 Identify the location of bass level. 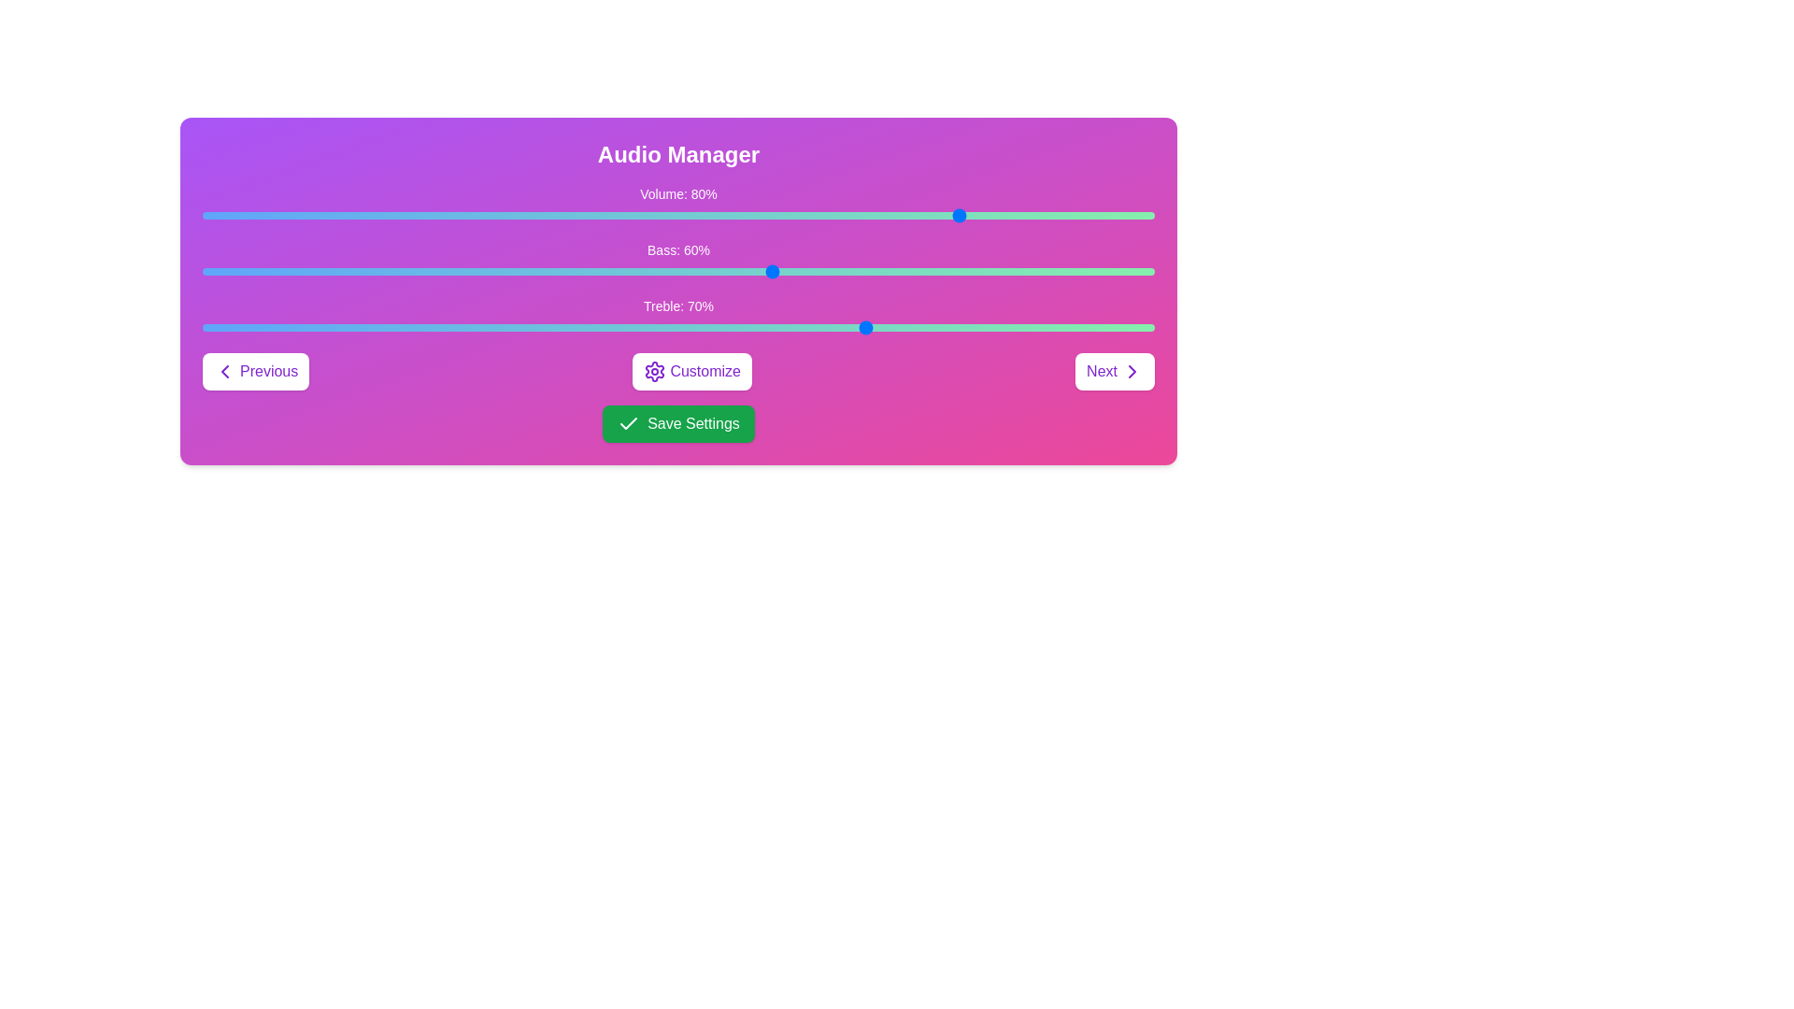
(278, 271).